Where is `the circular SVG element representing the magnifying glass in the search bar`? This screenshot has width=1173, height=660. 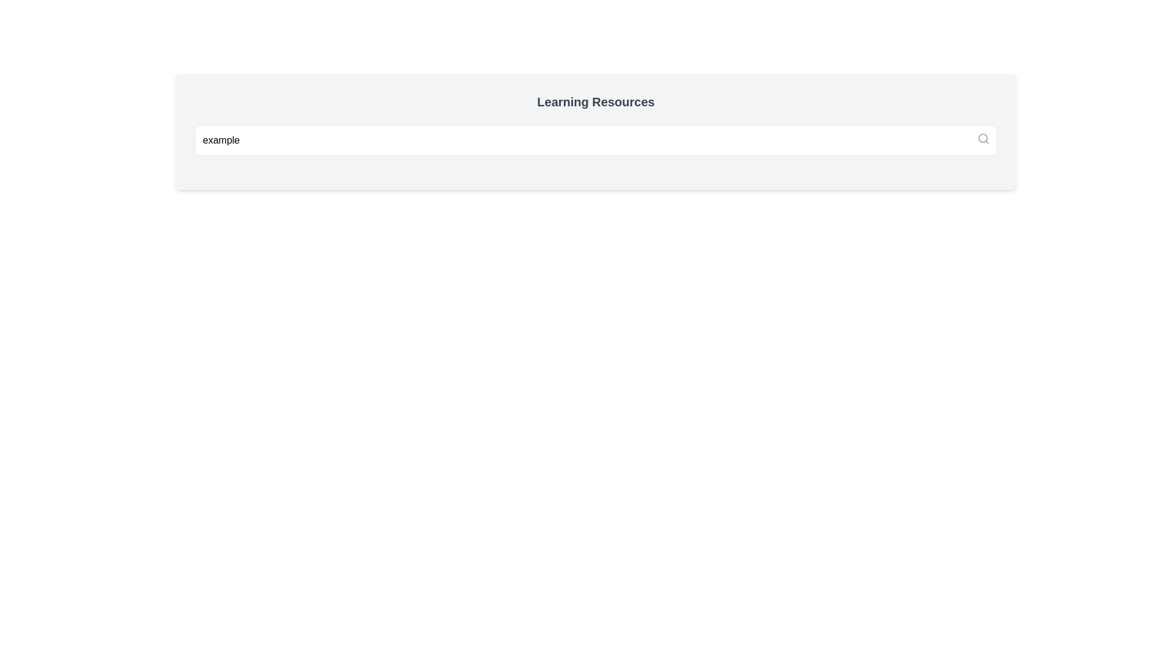 the circular SVG element representing the magnifying glass in the search bar is located at coordinates (983, 137).